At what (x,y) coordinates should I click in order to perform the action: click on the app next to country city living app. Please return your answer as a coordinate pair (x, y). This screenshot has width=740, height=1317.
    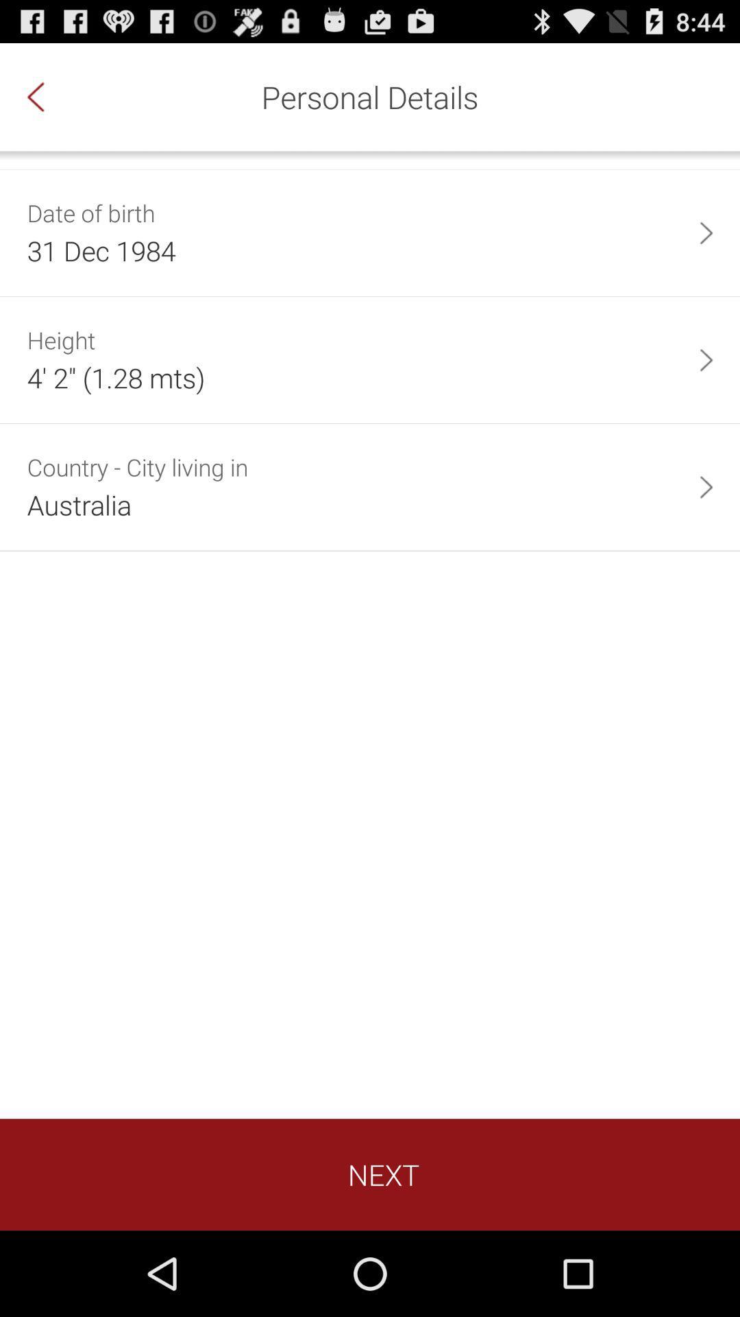
    Looking at the image, I should click on (706, 487).